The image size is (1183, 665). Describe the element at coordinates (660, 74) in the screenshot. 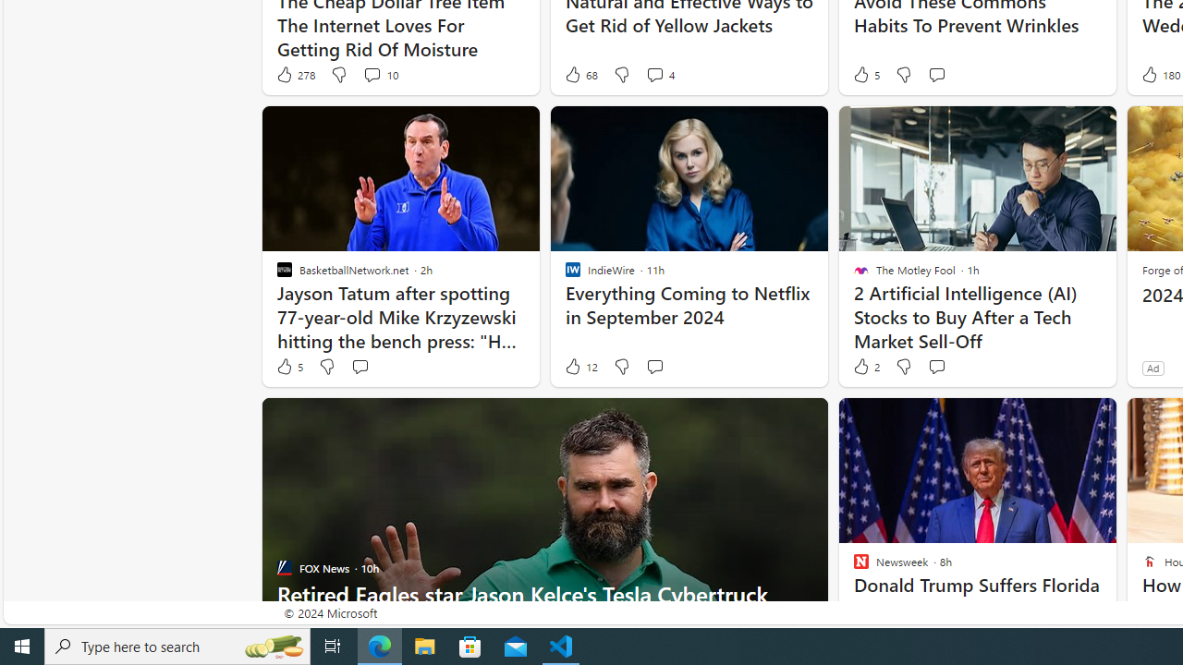

I see `'View comments 4 Comment'` at that location.